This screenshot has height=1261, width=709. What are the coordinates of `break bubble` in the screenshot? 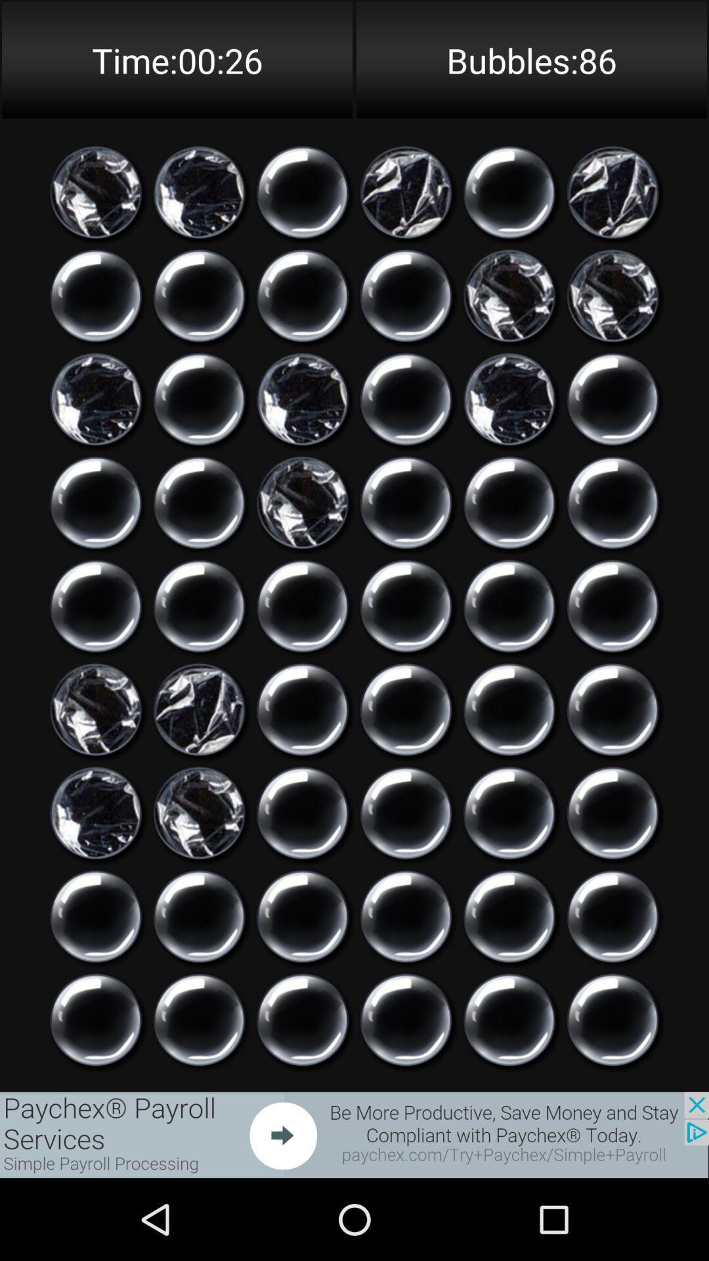 It's located at (303, 916).